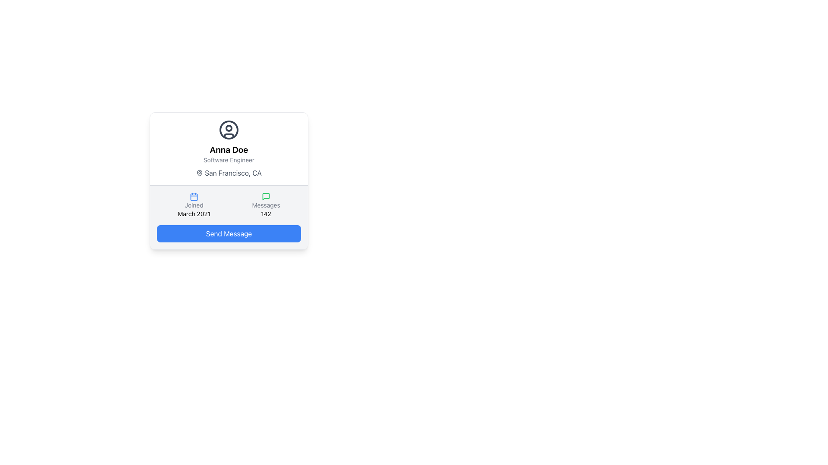 The image size is (828, 465). I want to click on the static text label that indicates message count, positioned below the icon and above the number '142', so click(266, 205).